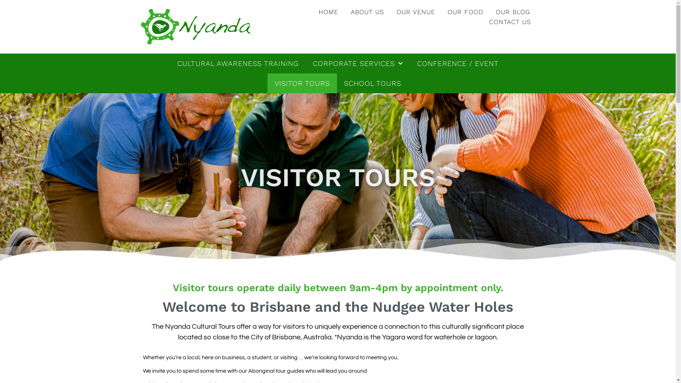 The height and width of the screenshot is (383, 681). What do you see at coordinates (372, 83) in the screenshot?
I see `'SCHOOL TOURS'` at bounding box center [372, 83].